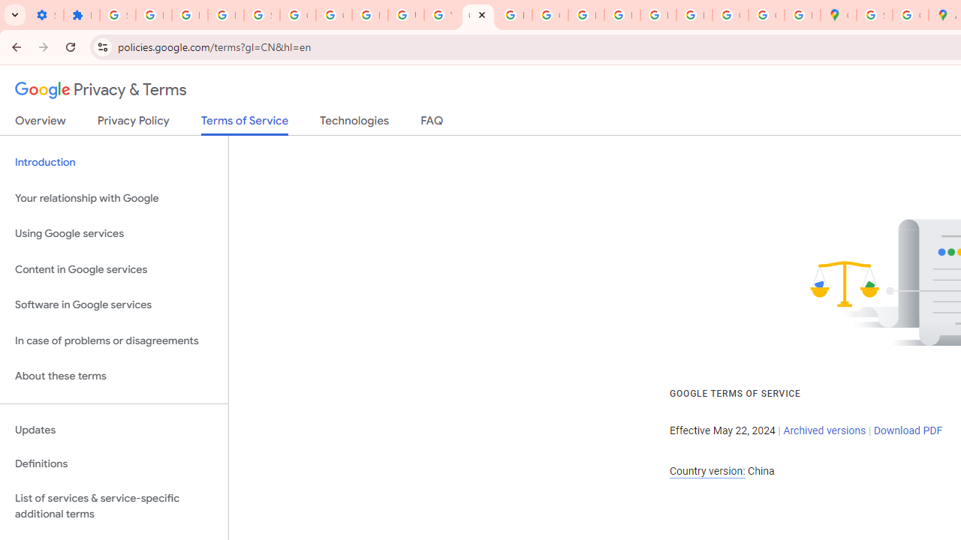  What do you see at coordinates (824, 430) in the screenshot?
I see `'Archived versions'` at bounding box center [824, 430].